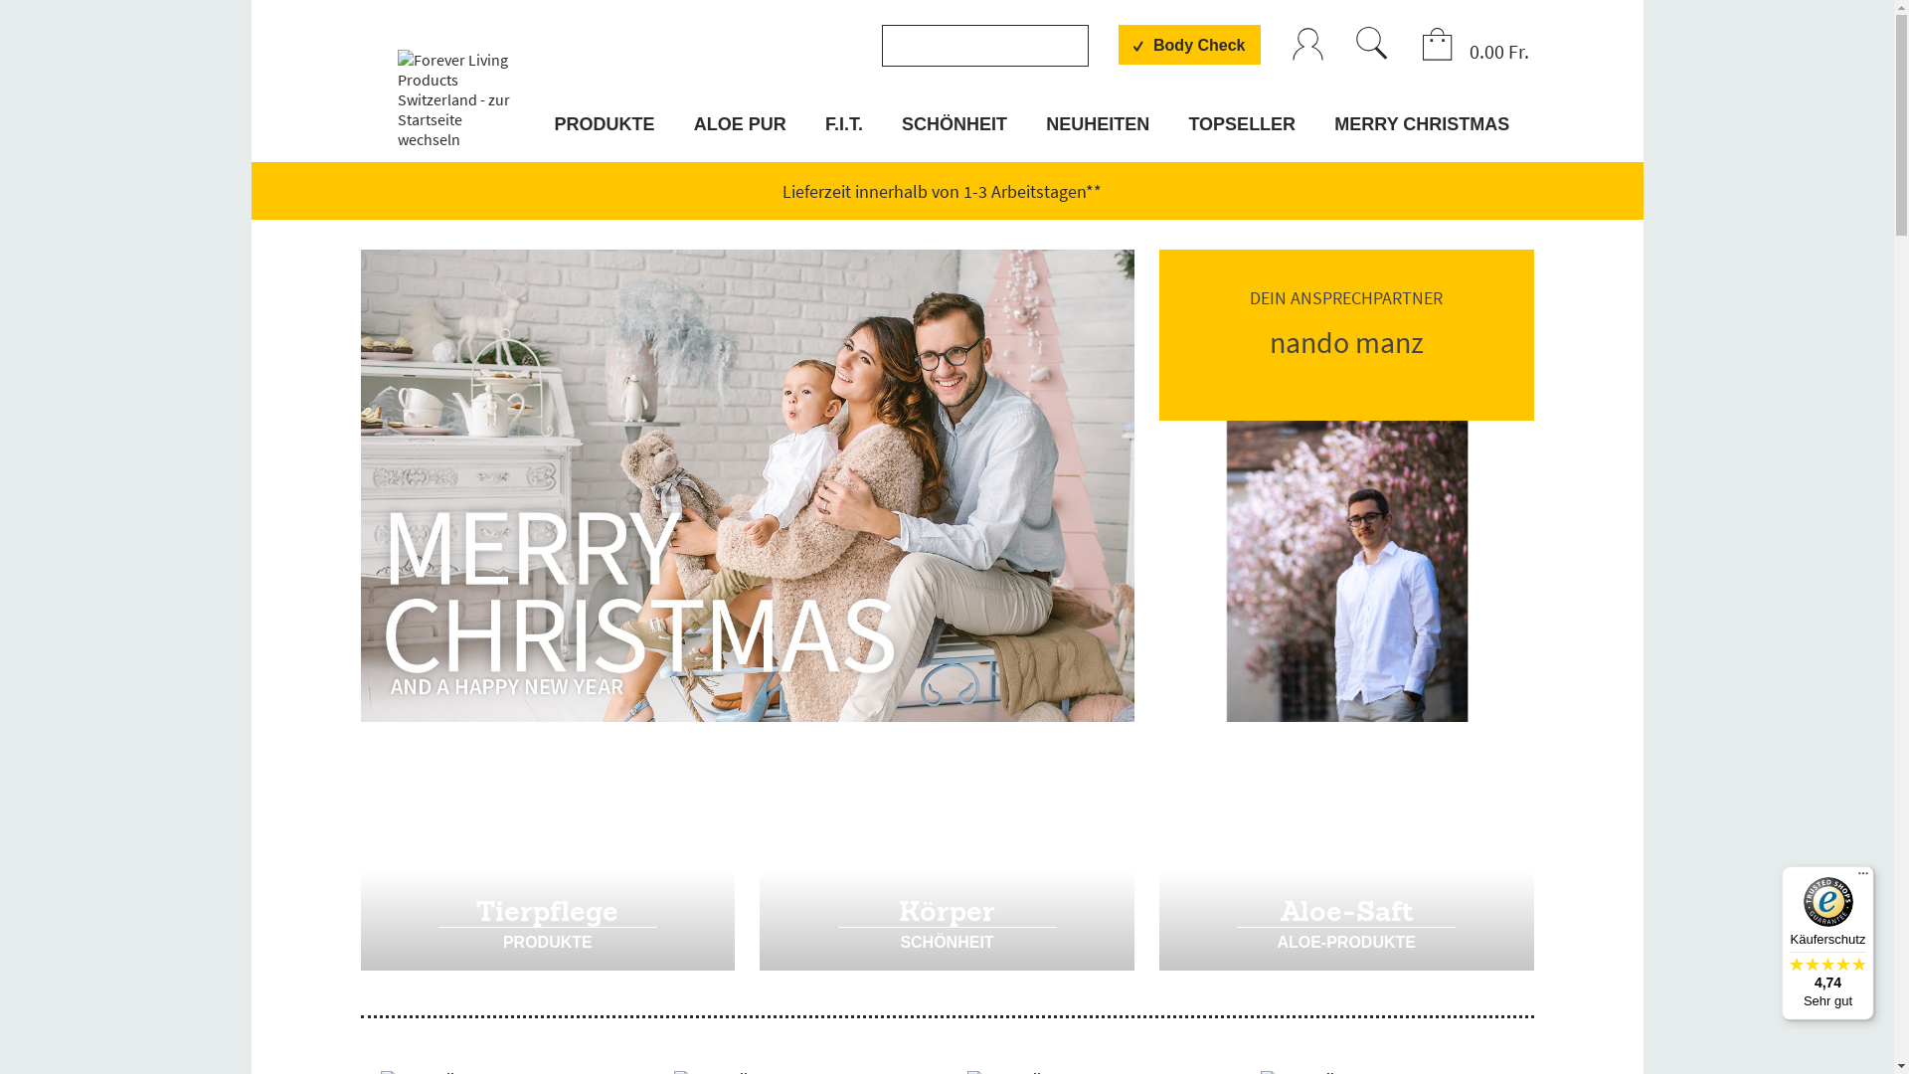 Image resolution: width=1909 pixels, height=1074 pixels. I want to click on 'PRODUKTE', so click(606, 135).